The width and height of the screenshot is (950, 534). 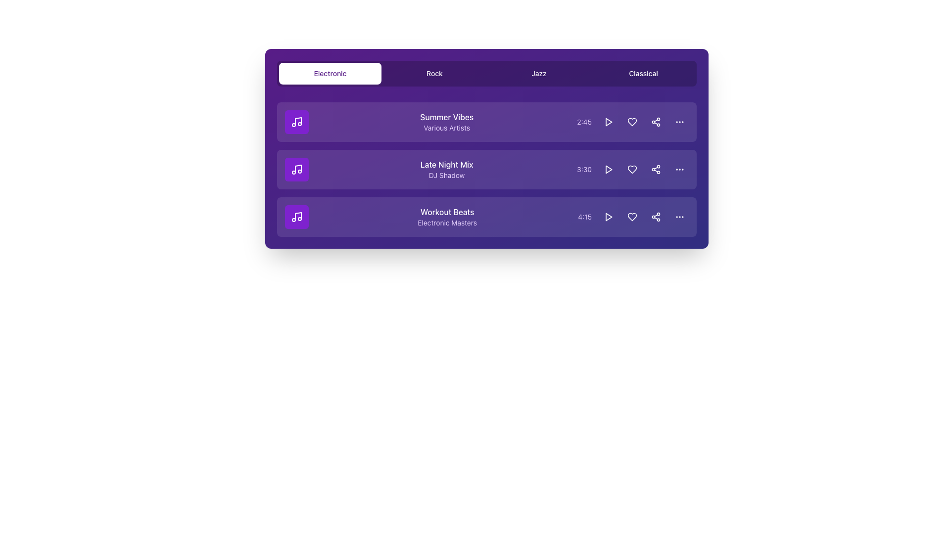 What do you see at coordinates (608, 121) in the screenshot?
I see `the play button for the track 'Summer Vibes' located on the right side of the first row, adjacent to the time duration (2:45), to observe the hover effect` at bounding box center [608, 121].